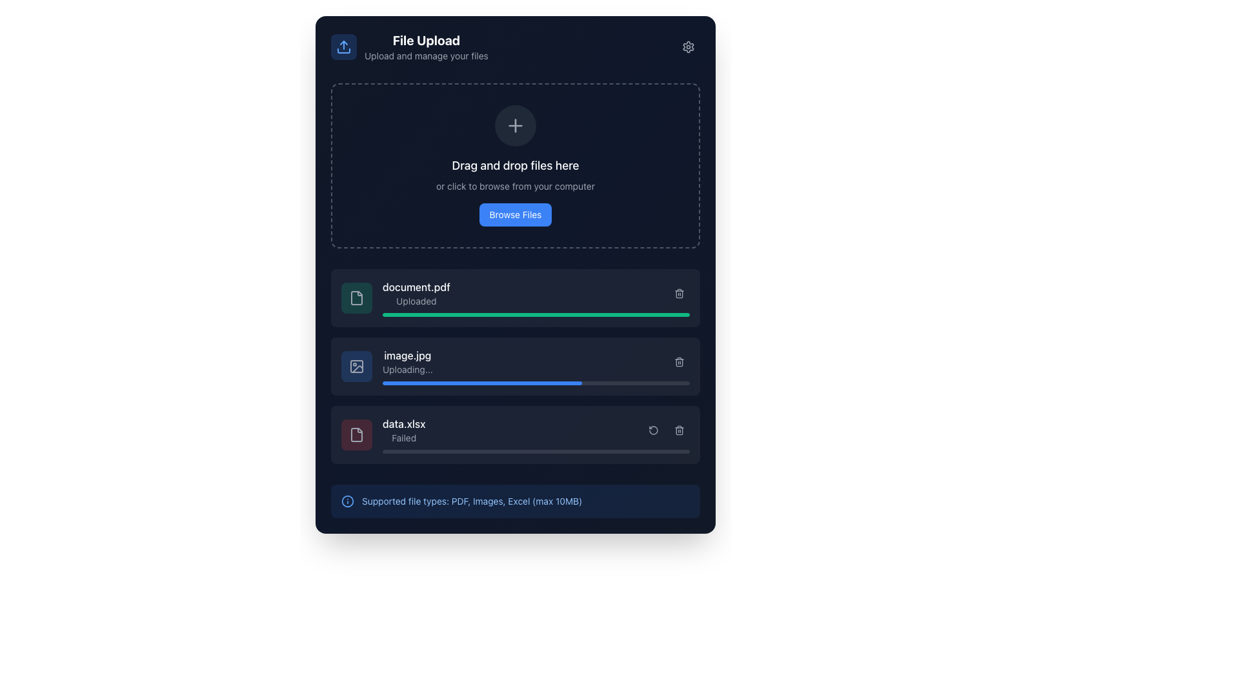 This screenshot has width=1239, height=697. I want to click on the progress, so click(548, 450).